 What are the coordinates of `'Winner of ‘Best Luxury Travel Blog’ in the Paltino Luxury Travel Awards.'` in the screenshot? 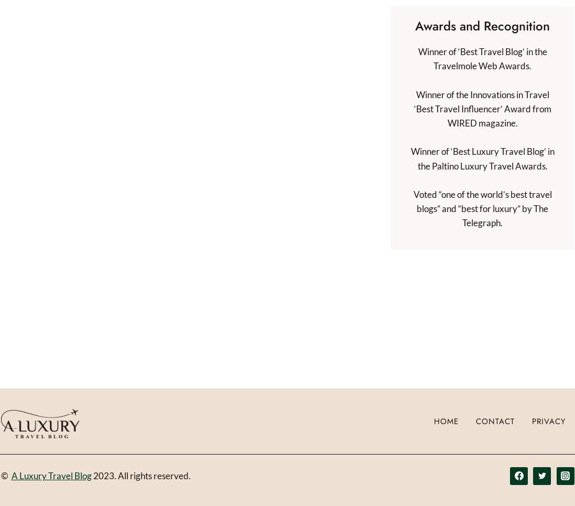 It's located at (410, 159).